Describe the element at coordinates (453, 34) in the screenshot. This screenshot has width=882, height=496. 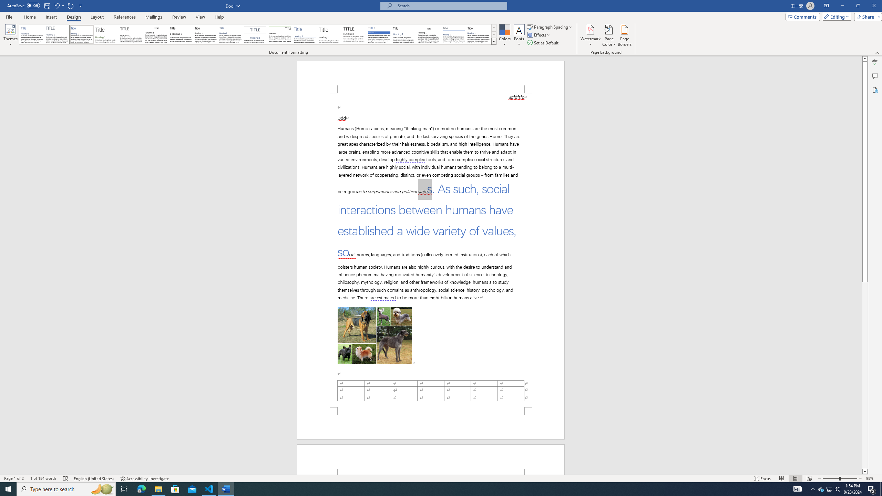
I see `'Word 2010'` at that location.